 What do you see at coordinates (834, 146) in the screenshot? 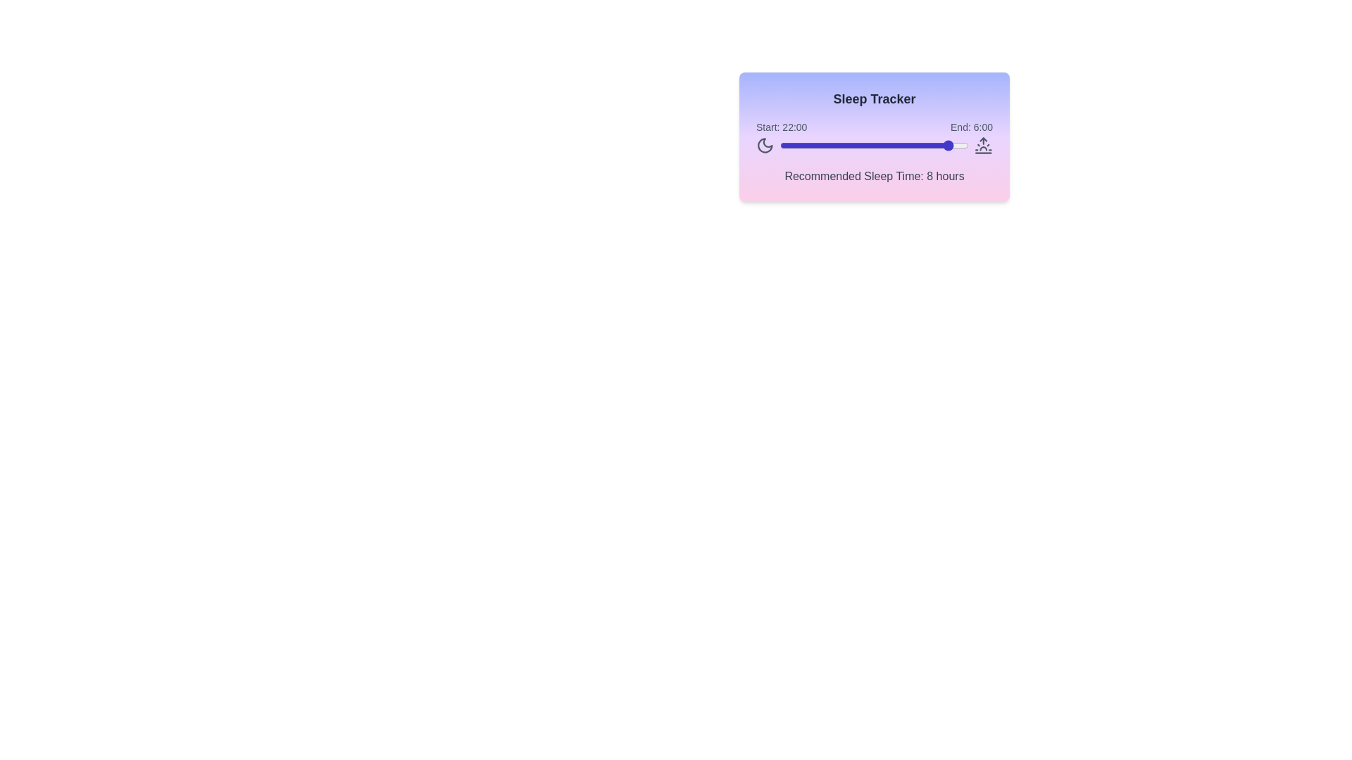
I see `the sleep time slider to set the start time to 7` at bounding box center [834, 146].